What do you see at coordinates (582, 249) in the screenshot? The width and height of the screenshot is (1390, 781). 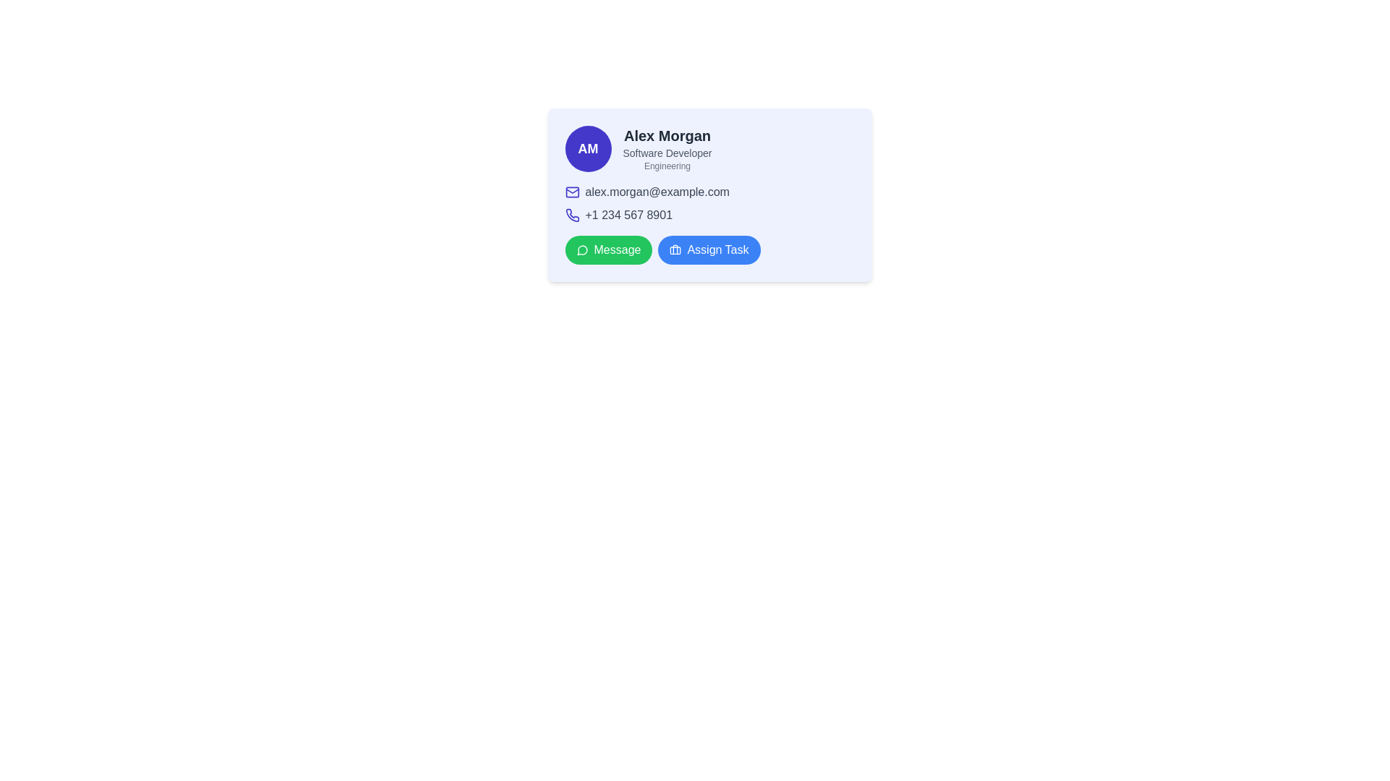 I see `the messaging icon located to the left of the 'Message' text label in the bottom-left corner of the card-like interface` at bounding box center [582, 249].